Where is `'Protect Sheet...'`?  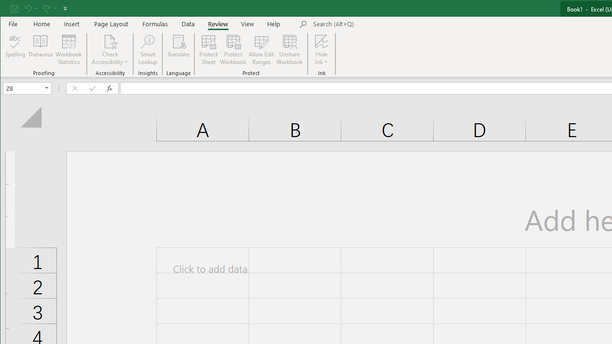 'Protect Sheet...' is located at coordinates (208, 50).